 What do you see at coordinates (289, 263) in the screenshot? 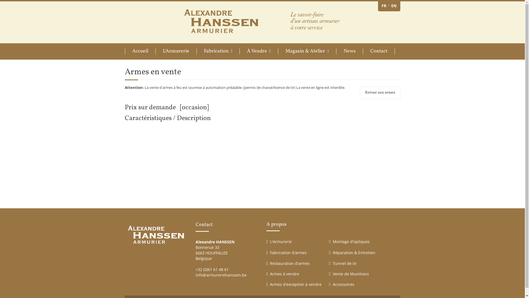
I see `'Restauration d'armes'` at bounding box center [289, 263].